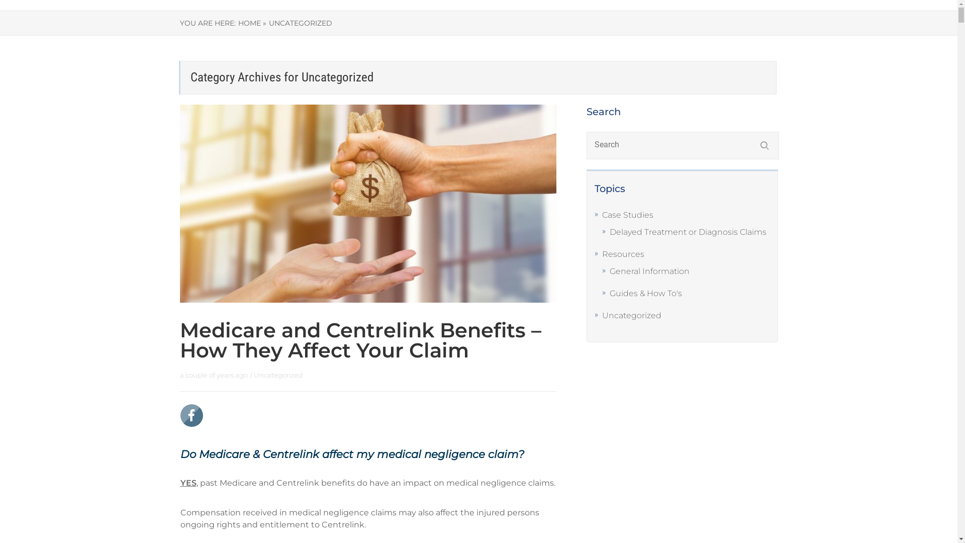 The image size is (965, 543). I want to click on 'Guides & How To's', so click(646, 293).